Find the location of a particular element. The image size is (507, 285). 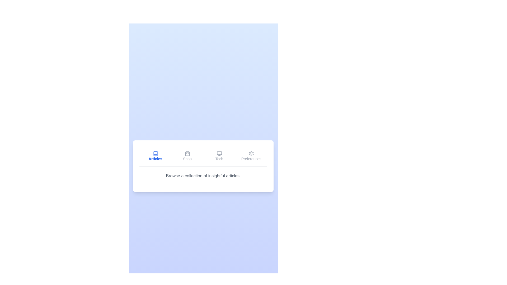

the tab labeled Shop to select it is located at coordinates (187, 156).